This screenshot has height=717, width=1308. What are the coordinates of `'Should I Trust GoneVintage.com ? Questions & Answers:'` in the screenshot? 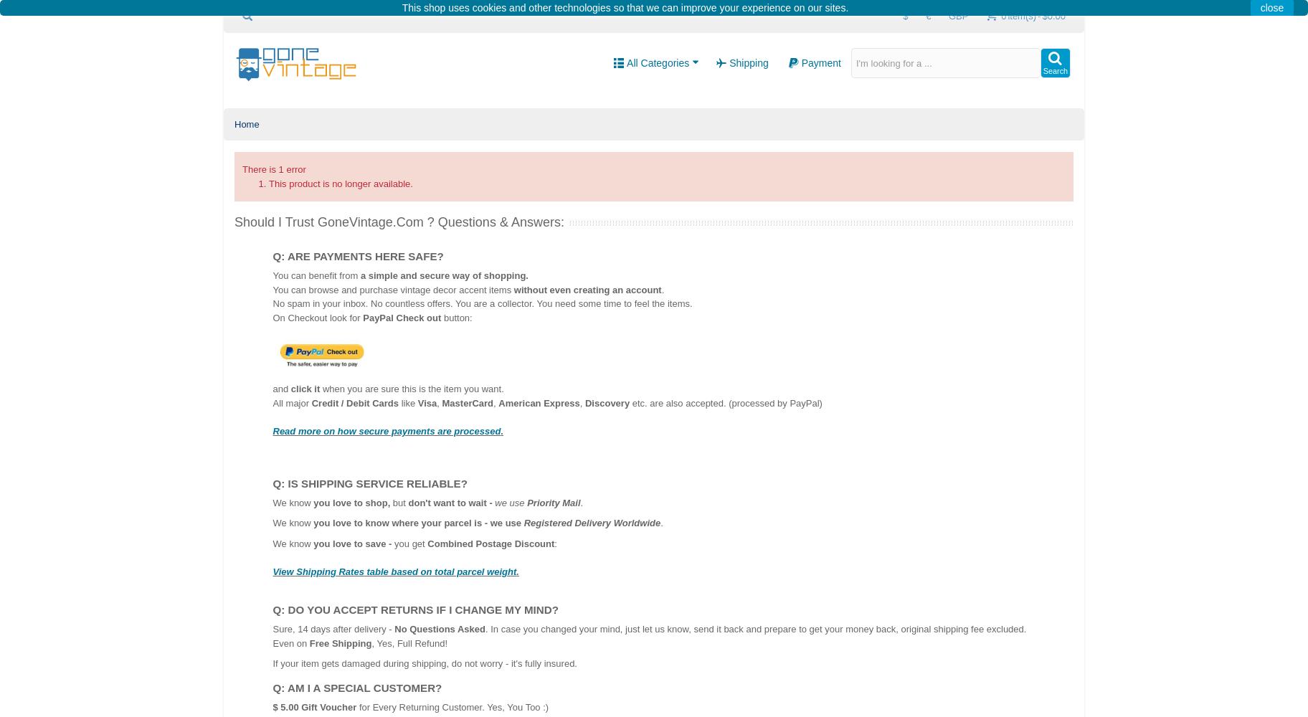 It's located at (398, 222).